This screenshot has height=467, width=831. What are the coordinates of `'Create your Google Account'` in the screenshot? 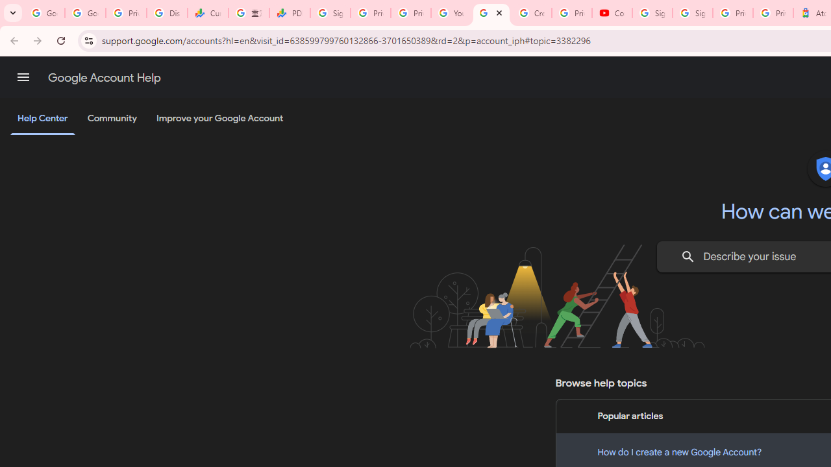 It's located at (532, 13).